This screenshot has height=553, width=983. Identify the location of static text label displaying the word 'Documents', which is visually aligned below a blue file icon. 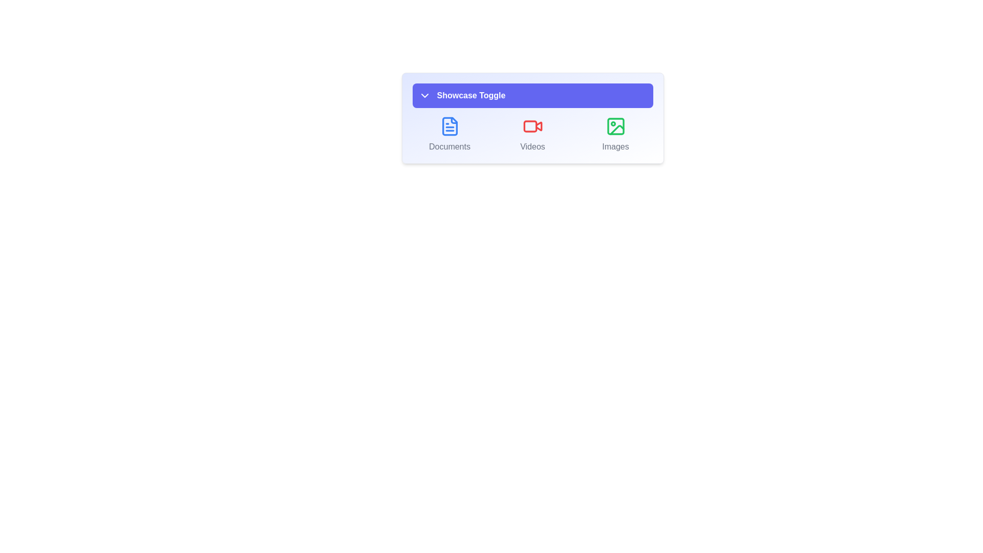
(450, 146).